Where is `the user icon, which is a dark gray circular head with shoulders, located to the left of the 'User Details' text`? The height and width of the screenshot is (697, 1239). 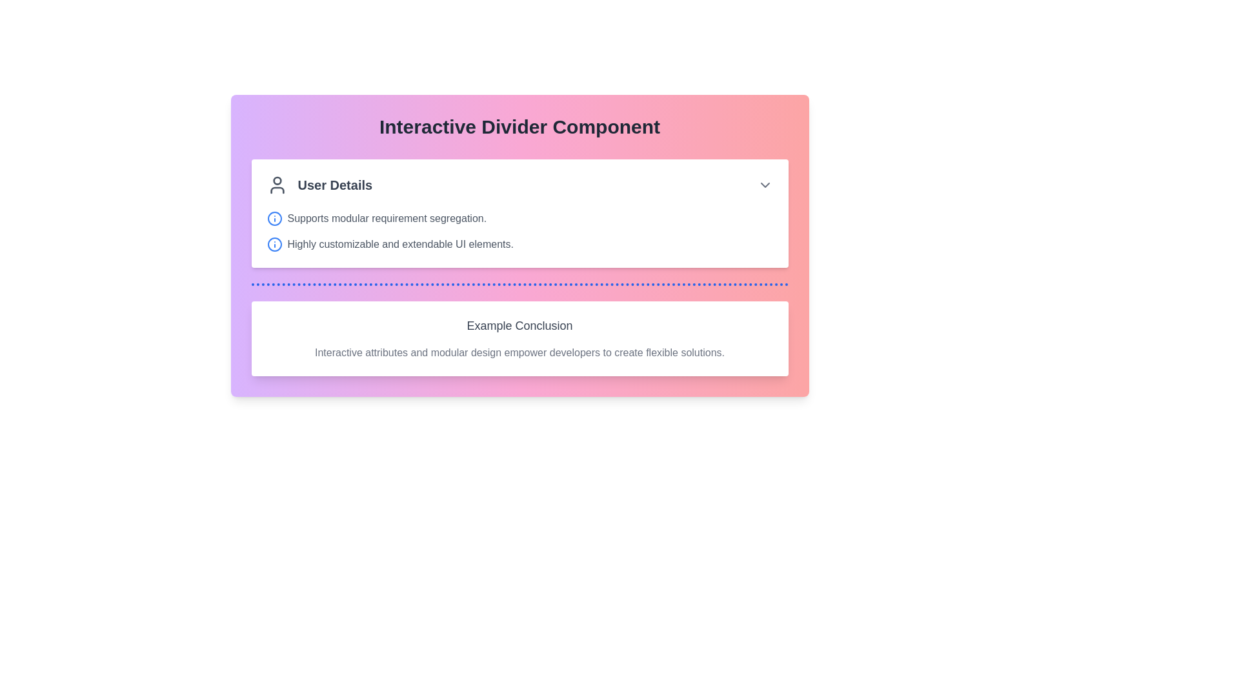
the user icon, which is a dark gray circular head with shoulders, located to the left of the 'User Details' text is located at coordinates (276, 185).